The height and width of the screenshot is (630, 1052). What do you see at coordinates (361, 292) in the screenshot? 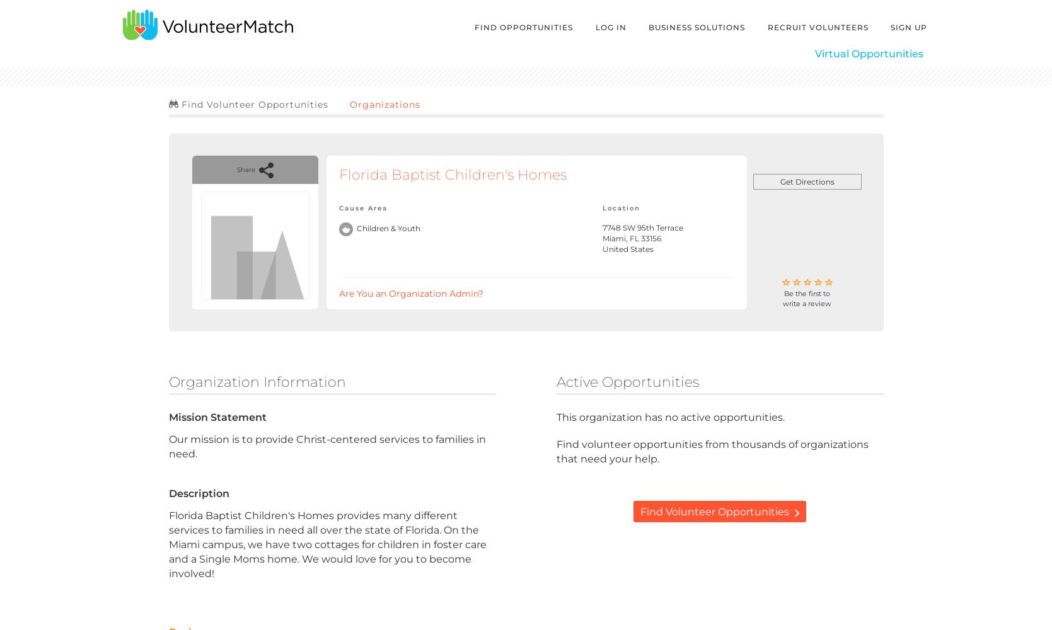
I see `'Are You an'` at bounding box center [361, 292].